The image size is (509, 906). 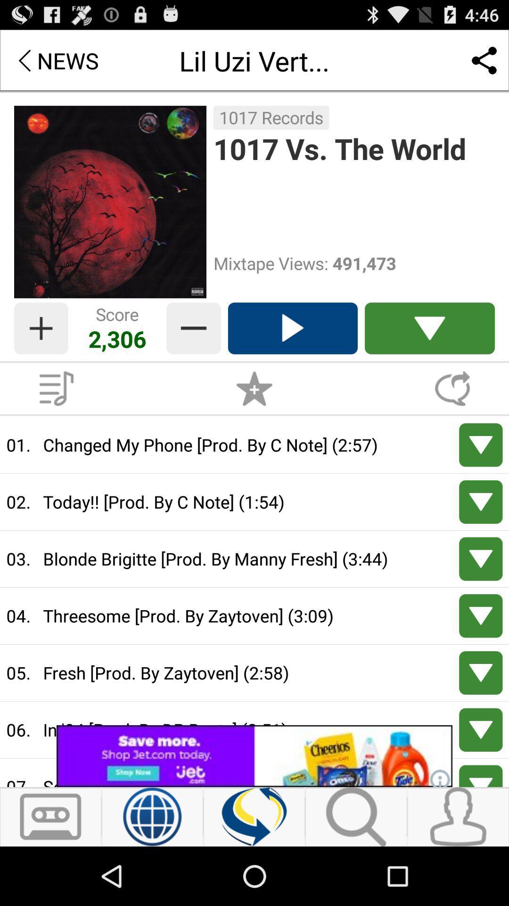 What do you see at coordinates (56, 415) in the screenshot?
I see `the music icon` at bounding box center [56, 415].